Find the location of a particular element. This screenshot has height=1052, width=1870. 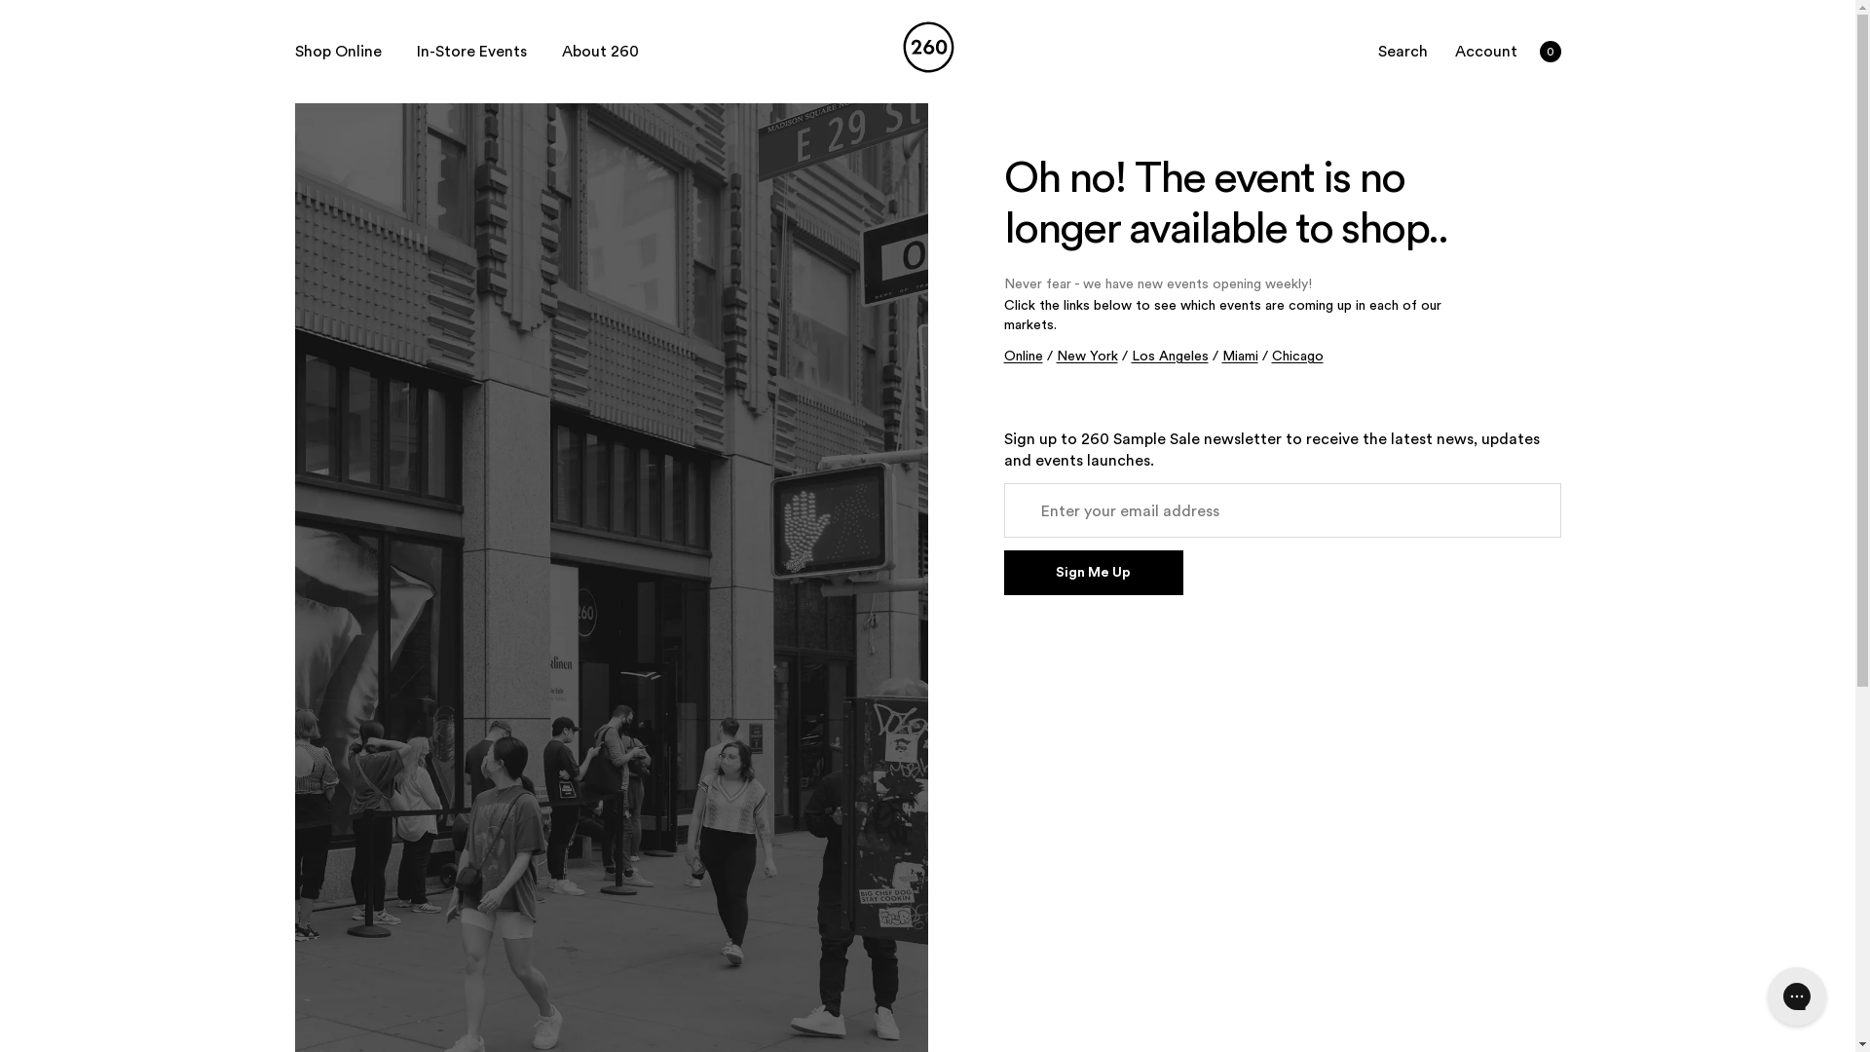

'Miami' is located at coordinates (1238, 357).